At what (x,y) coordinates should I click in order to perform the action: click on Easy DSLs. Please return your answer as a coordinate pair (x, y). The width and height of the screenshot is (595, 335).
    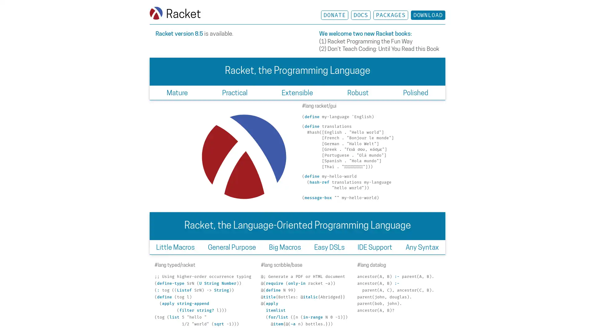
    Looking at the image, I should click on (329, 247).